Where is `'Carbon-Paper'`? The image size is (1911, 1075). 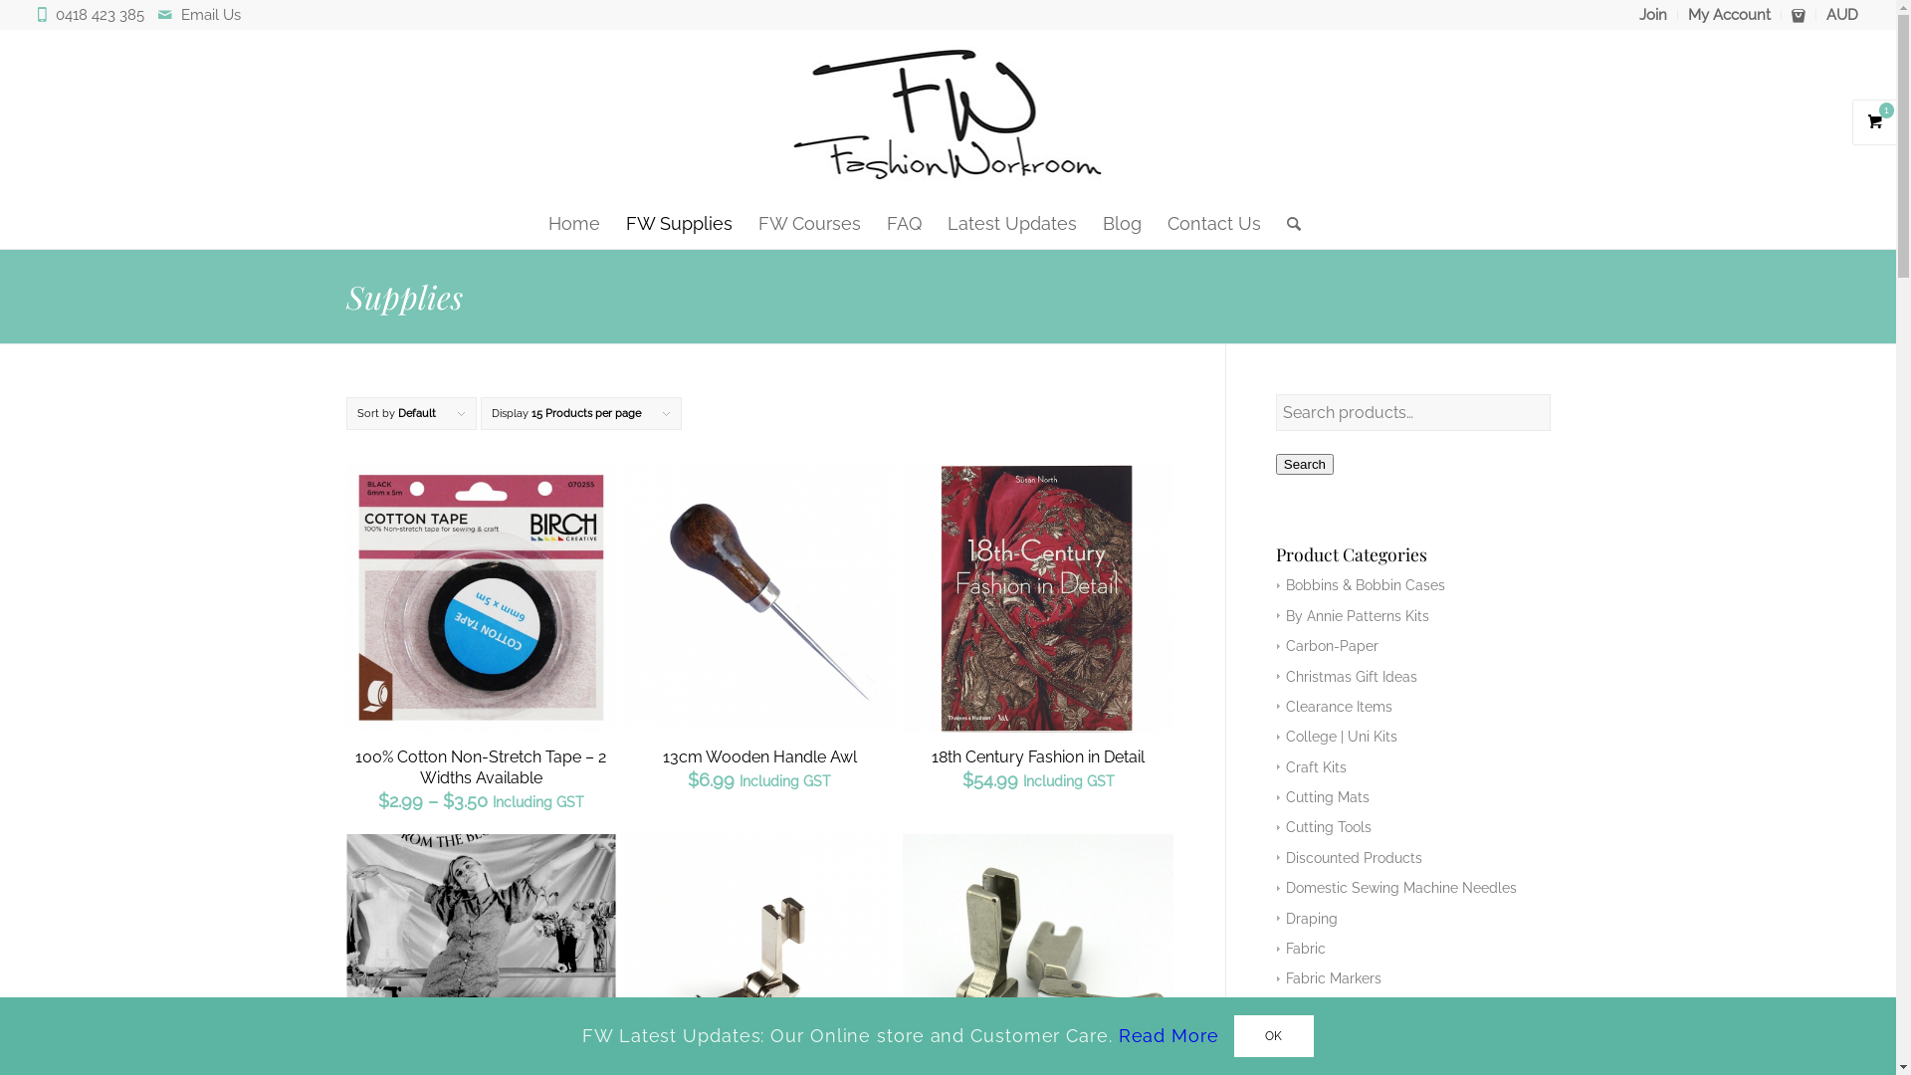
'Carbon-Paper' is located at coordinates (1276, 645).